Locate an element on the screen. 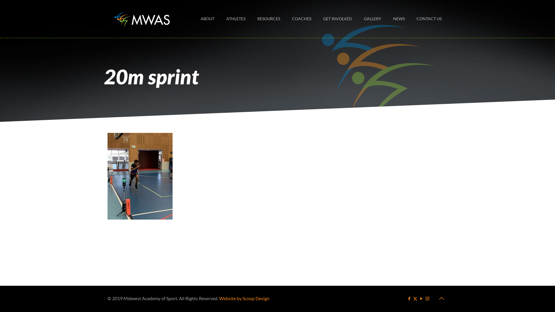 This screenshot has width=555, height=312. 'NEWS' is located at coordinates (399, 18).